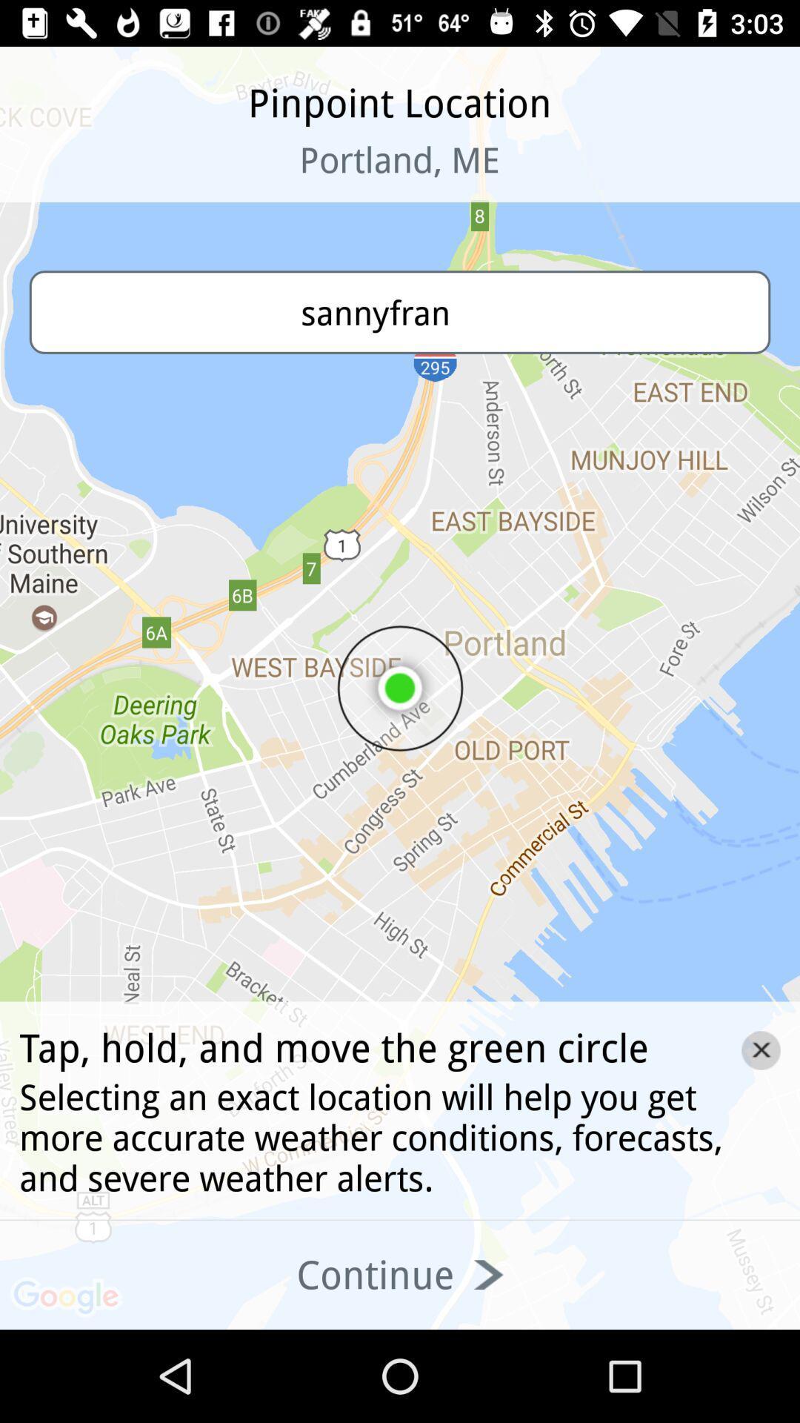  What do you see at coordinates (761, 1049) in the screenshot?
I see `the close icon` at bounding box center [761, 1049].